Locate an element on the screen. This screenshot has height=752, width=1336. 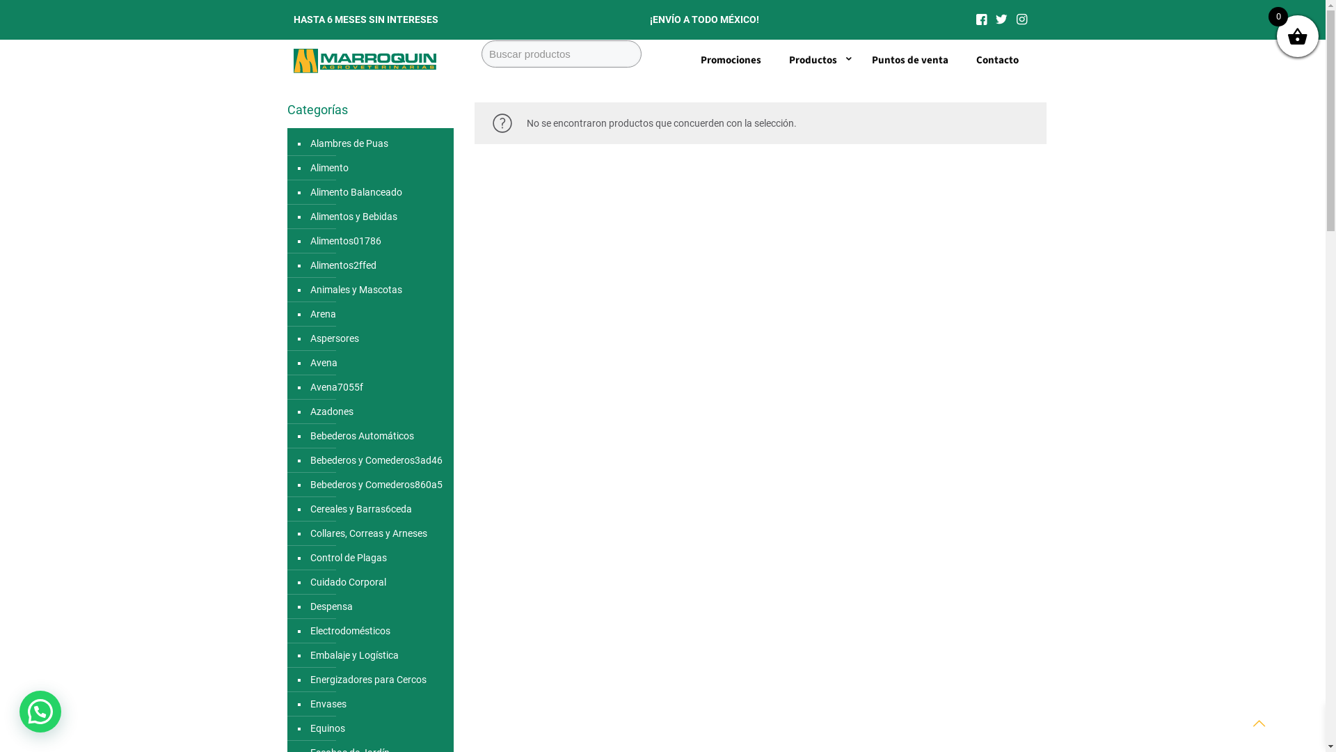
'Avena' is located at coordinates (377, 362).